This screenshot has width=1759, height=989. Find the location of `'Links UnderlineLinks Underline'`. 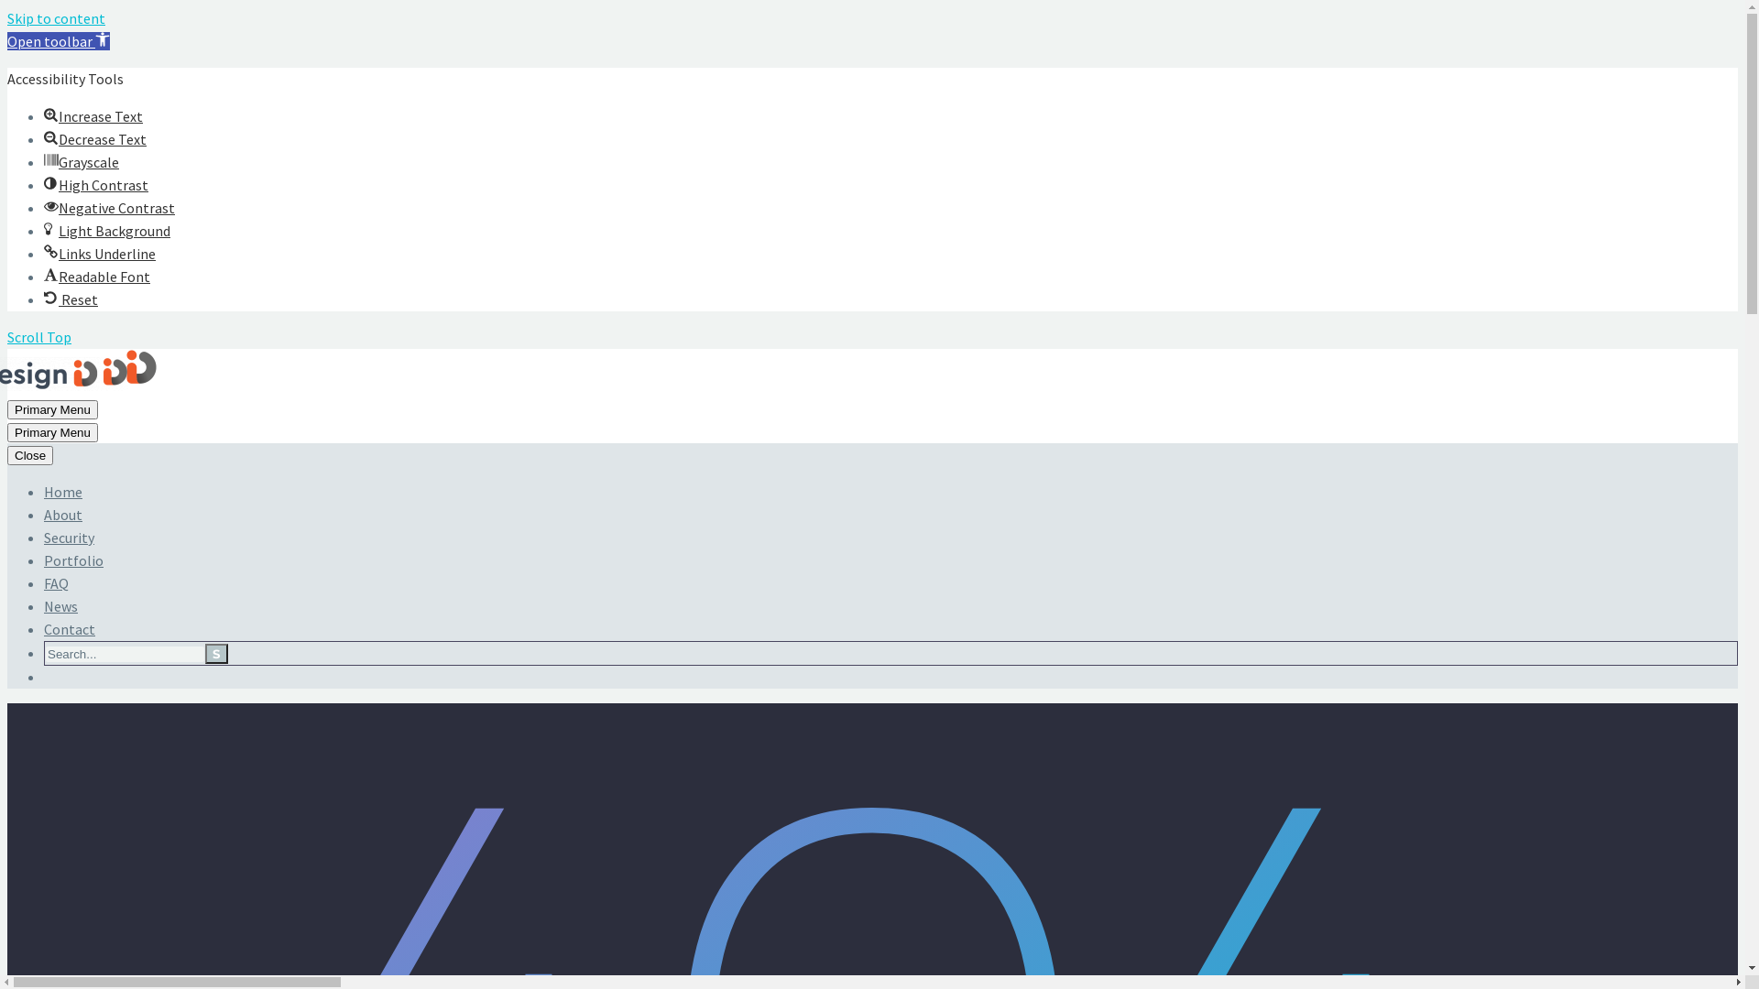

'Links UnderlineLinks Underline' is located at coordinates (99, 254).